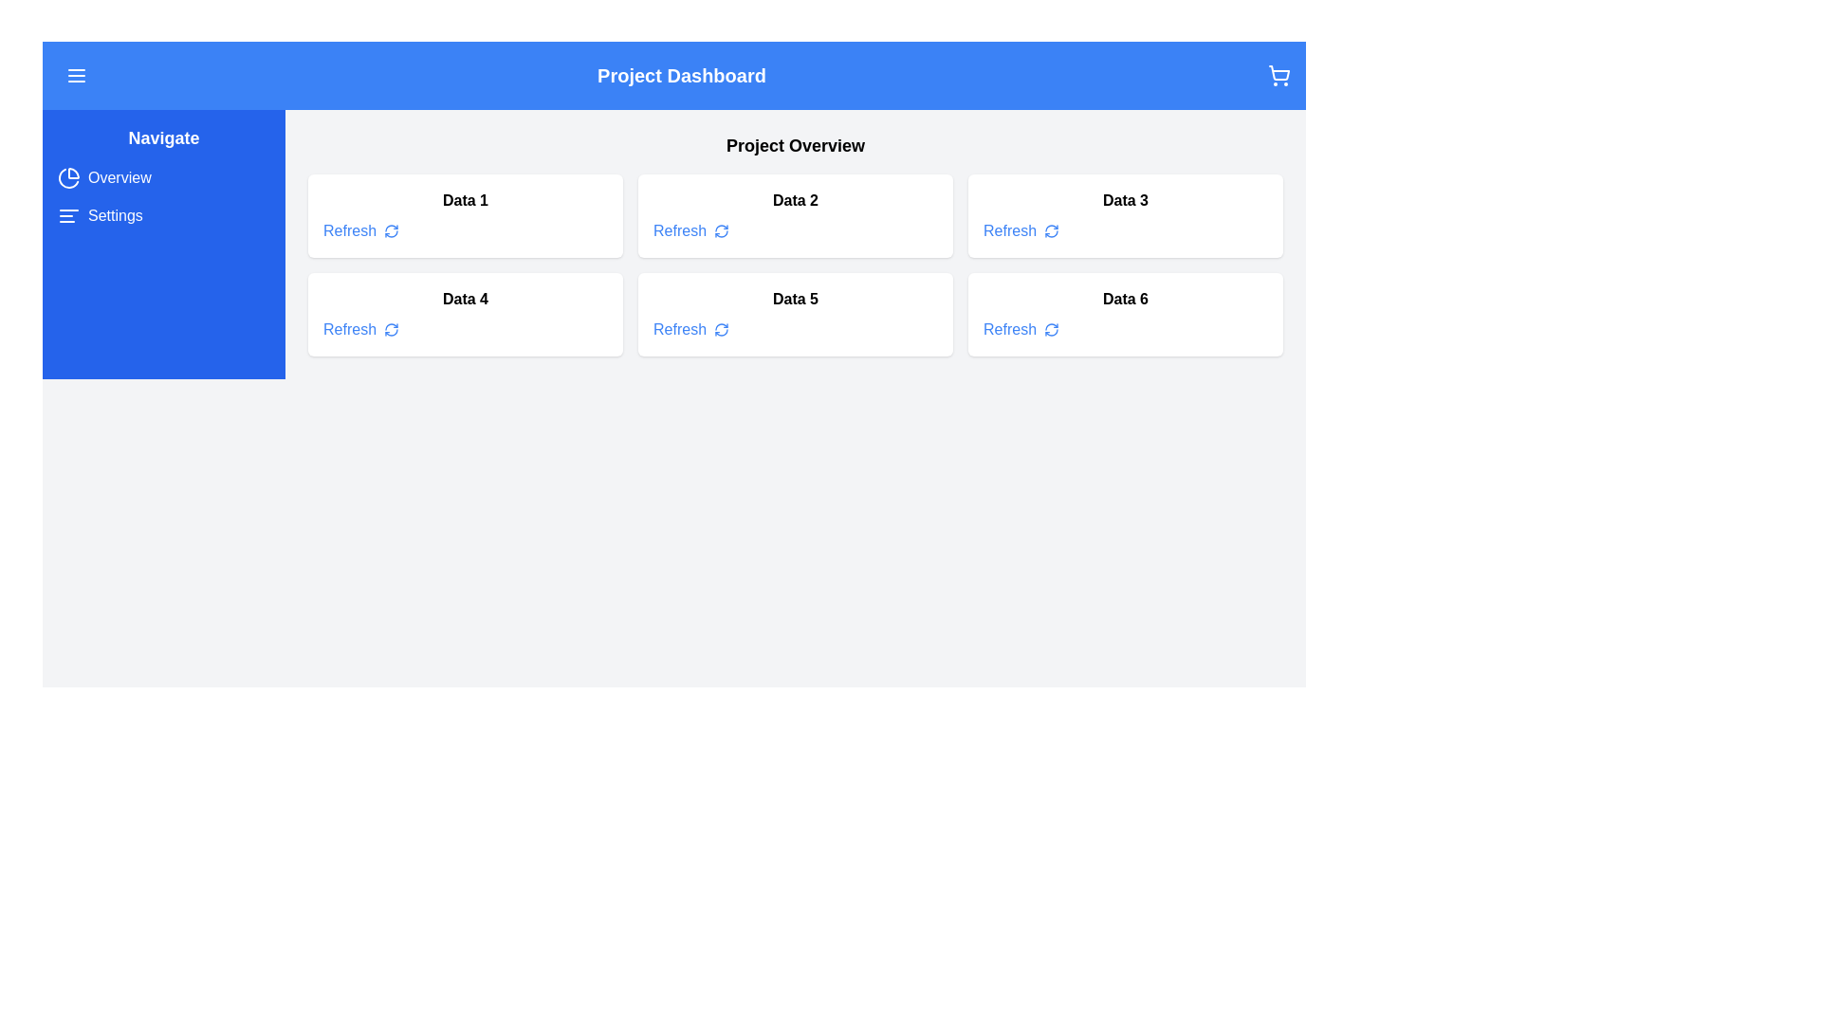  Describe the element at coordinates (119, 178) in the screenshot. I see `the 'Overview' text label located in the left sidebar, which is styled with a blue background and appears below a pie chart icon` at that location.